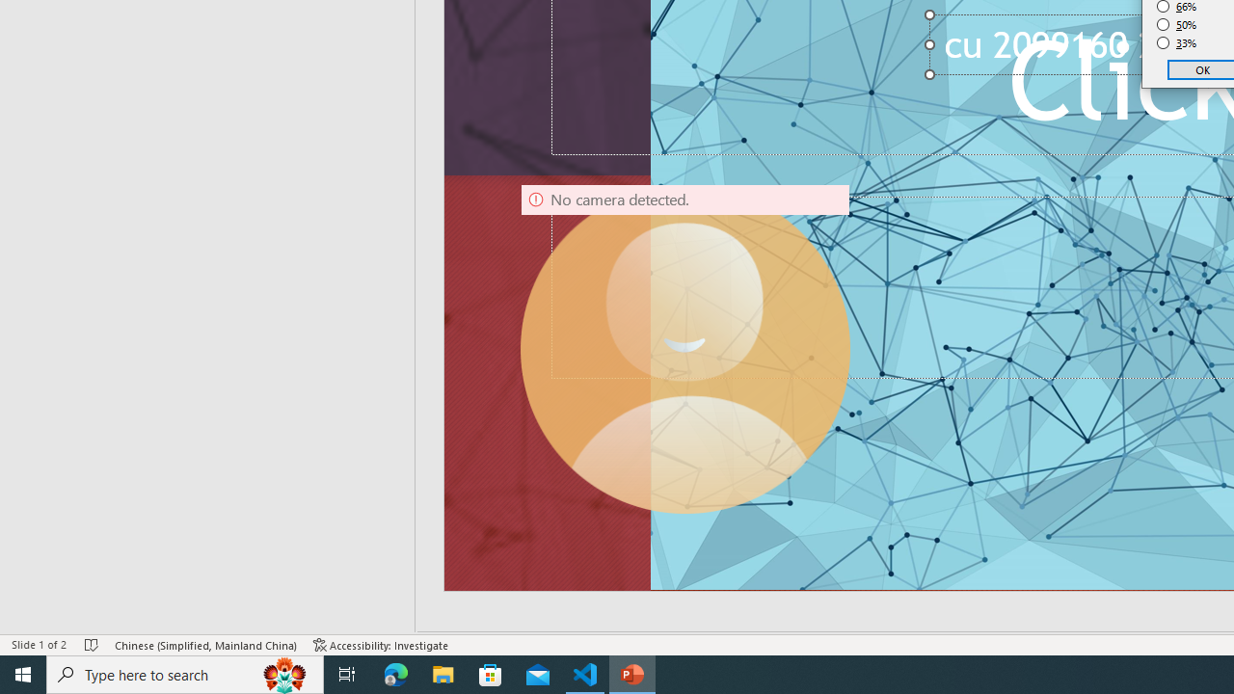 Image resolution: width=1234 pixels, height=694 pixels. I want to click on 'Visual Studio Code - 1 running window', so click(584, 673).